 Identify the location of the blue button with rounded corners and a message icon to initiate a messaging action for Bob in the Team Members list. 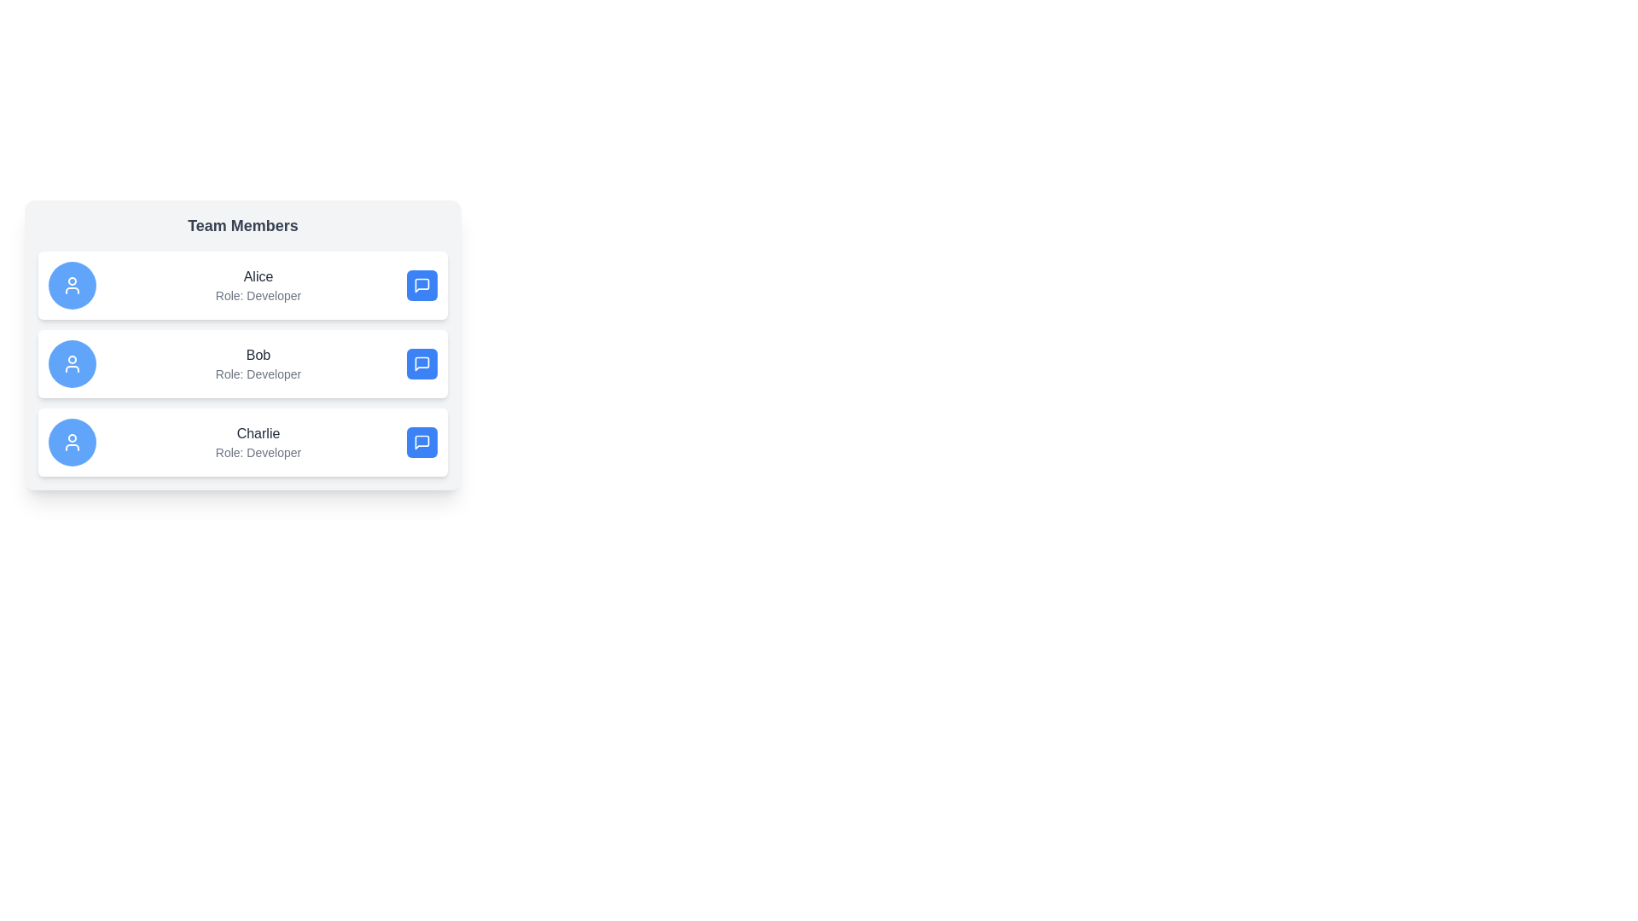
(421, 363).